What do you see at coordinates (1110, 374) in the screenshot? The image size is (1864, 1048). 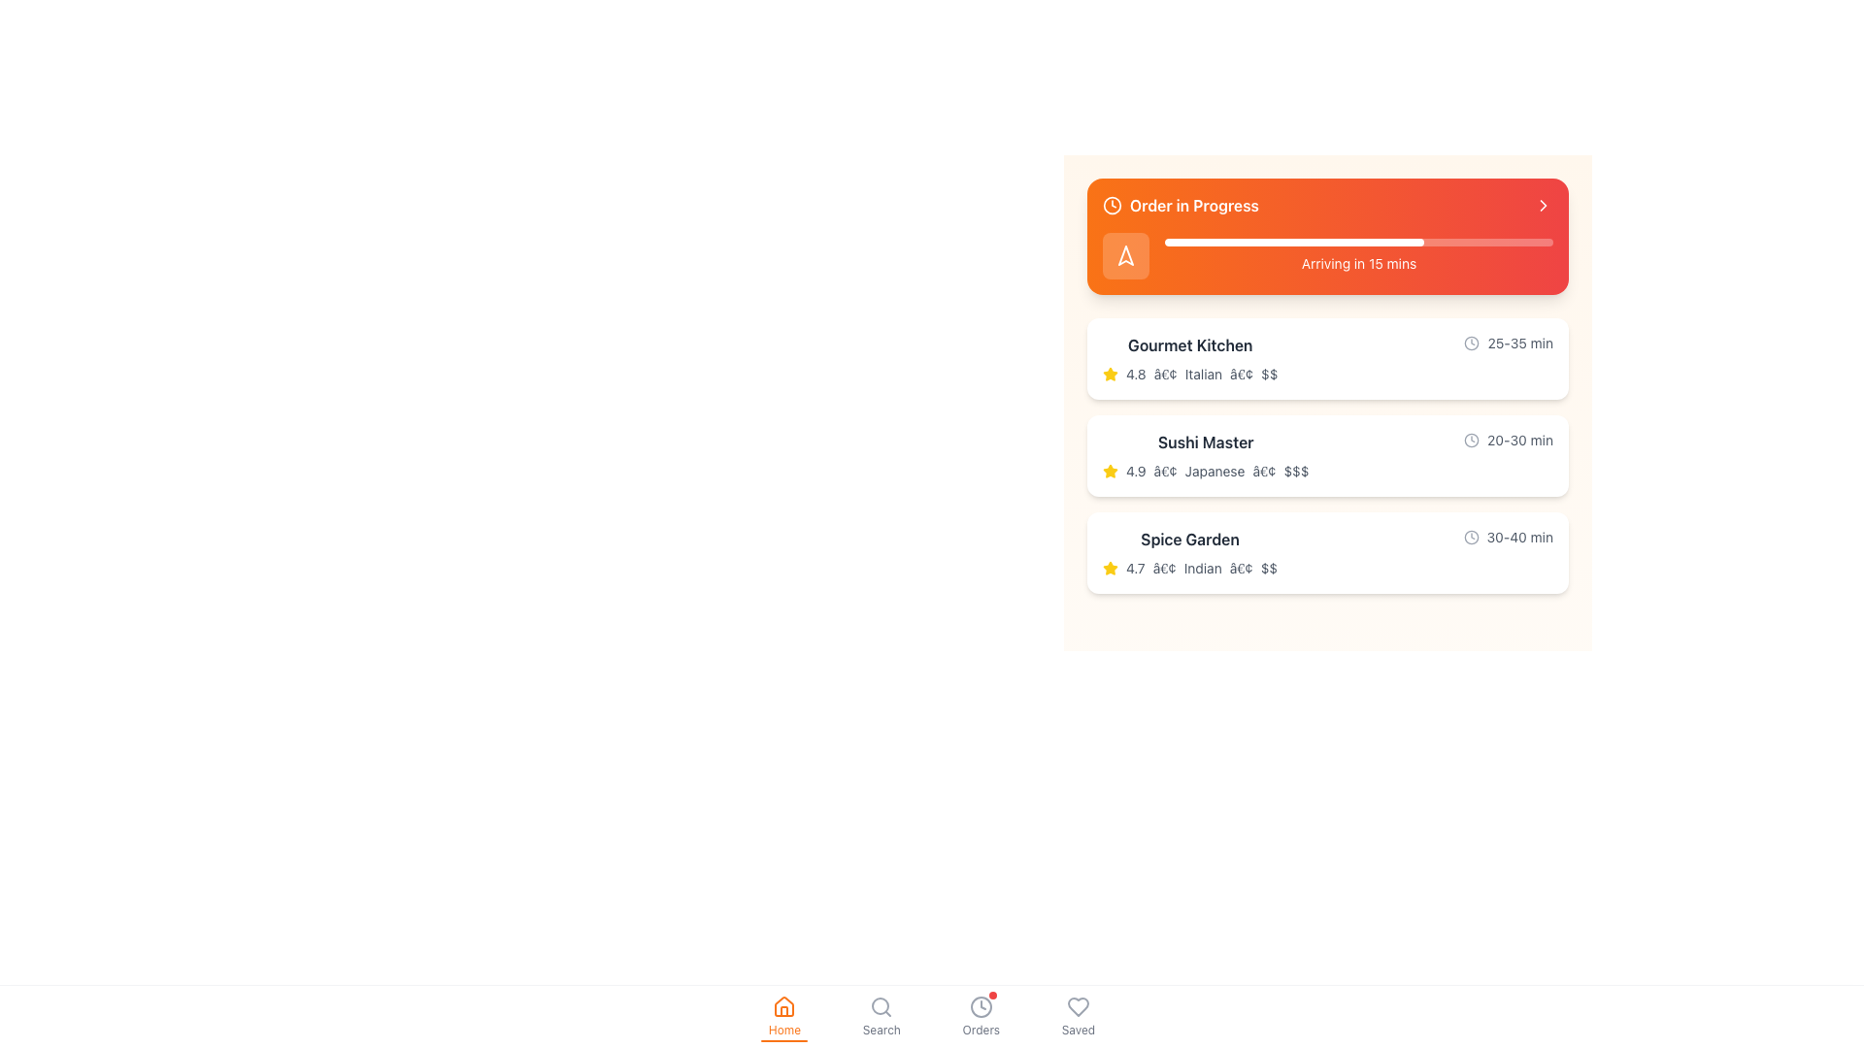 I see `the star icon representing the restaurant's rating, located to the left of the text '4.8 • Italian • $$' in the first item of the list` at bounding box center [1110, 374].